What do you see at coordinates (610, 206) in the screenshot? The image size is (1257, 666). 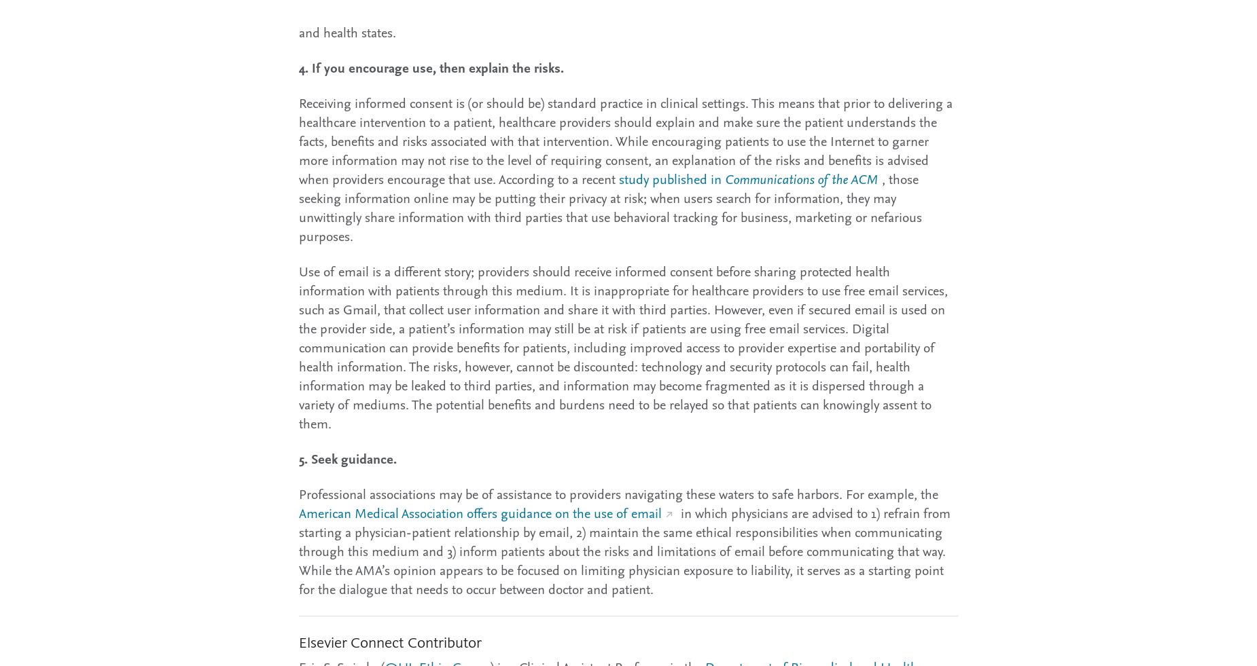 I see `', those seeking information online may be putting their privacy at risk; when users search for information, they may unwittingly share information with third parties that use behavioral tracking for business, marketing or nefarious purposes.'` at bounding box center [610, 206].